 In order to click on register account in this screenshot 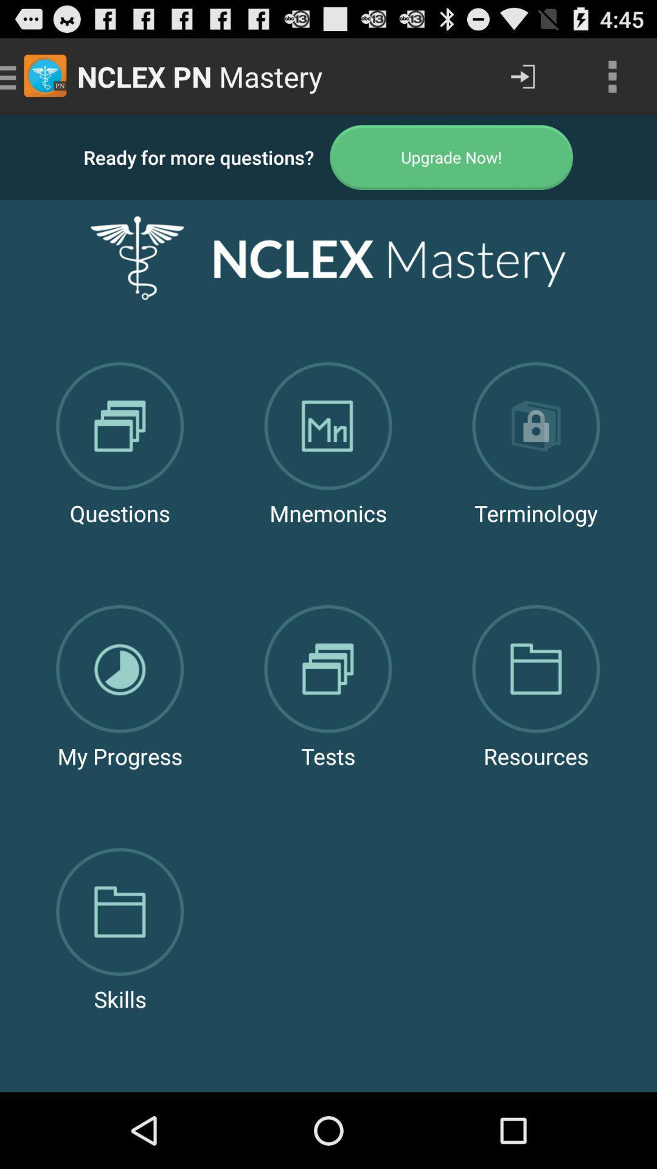, I will do `click(451, 156)`.